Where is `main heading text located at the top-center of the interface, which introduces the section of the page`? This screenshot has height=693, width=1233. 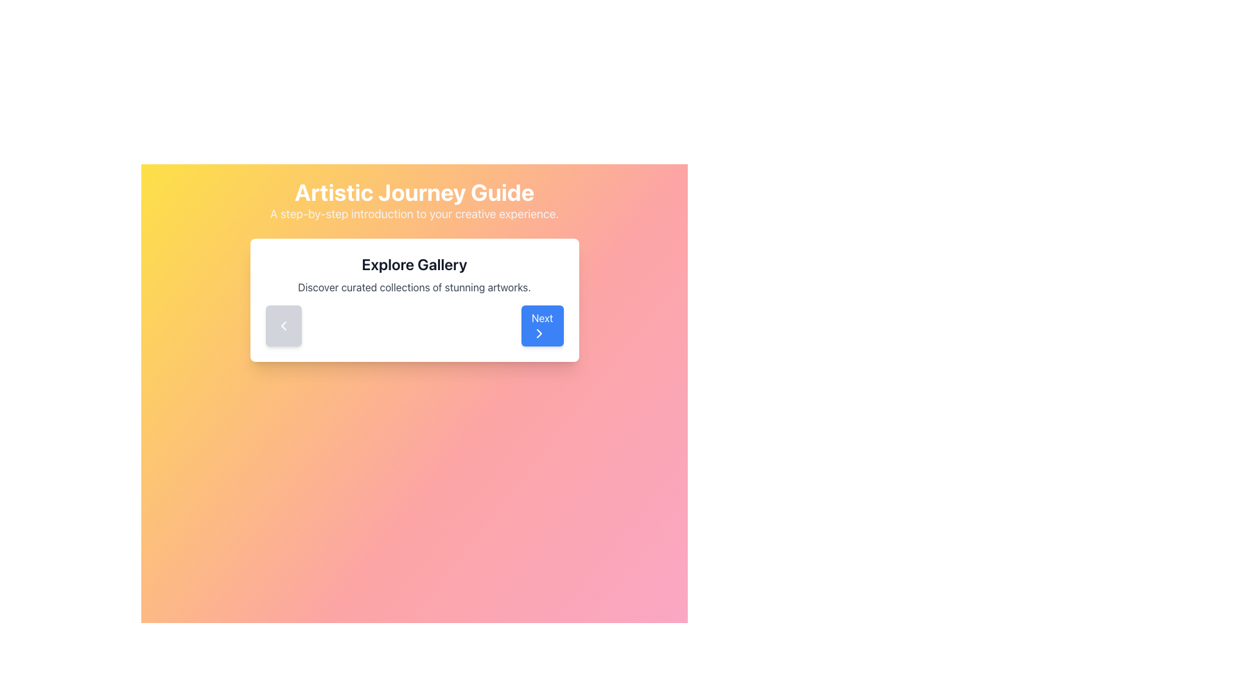
main heading text located at the top-center of the interface, which introduces the section of the page is located at coordinates (414, 193).